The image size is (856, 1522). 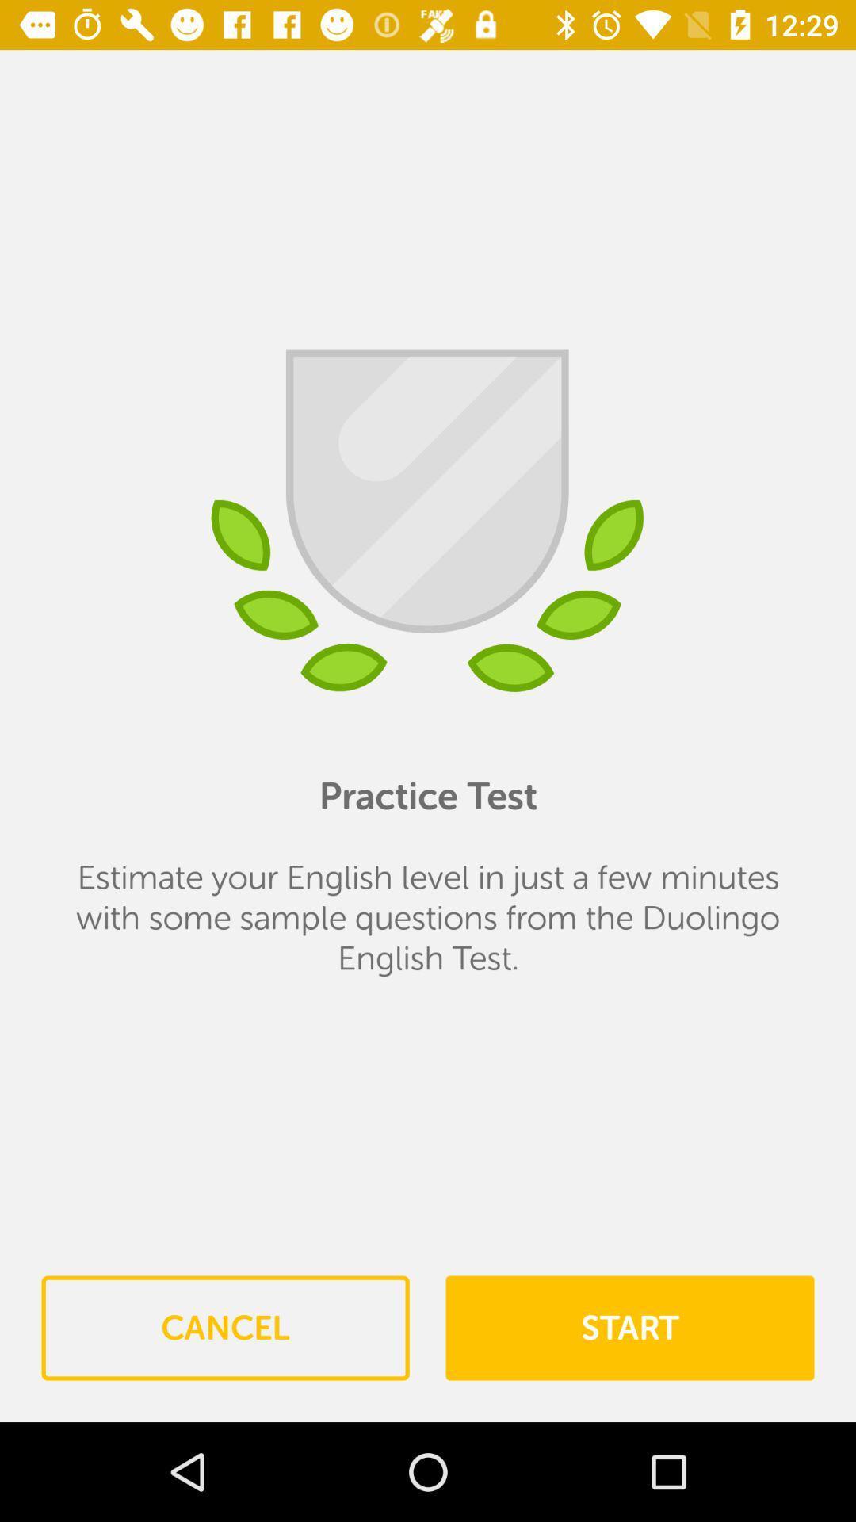 I want to click on item below estimate your english item, so click(x=629, y=1328).